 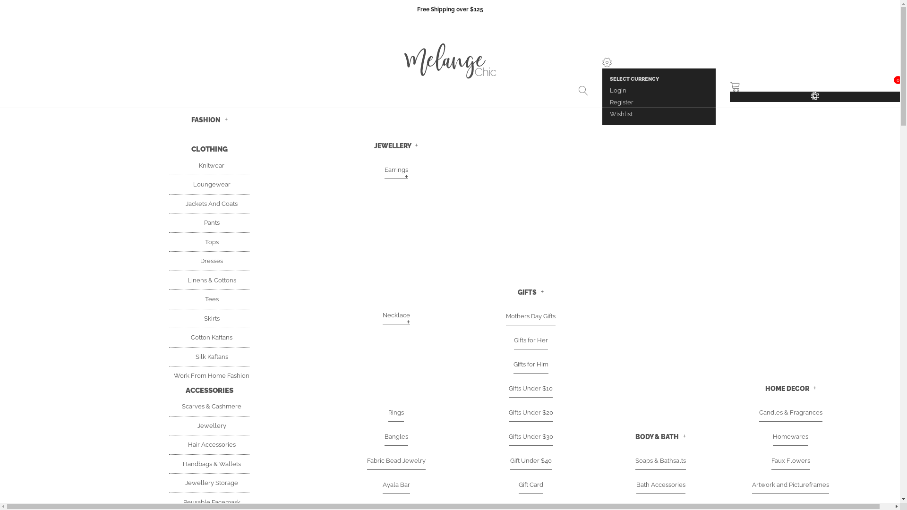 I want to click on 'Homewares', so click(x=790, y=437).